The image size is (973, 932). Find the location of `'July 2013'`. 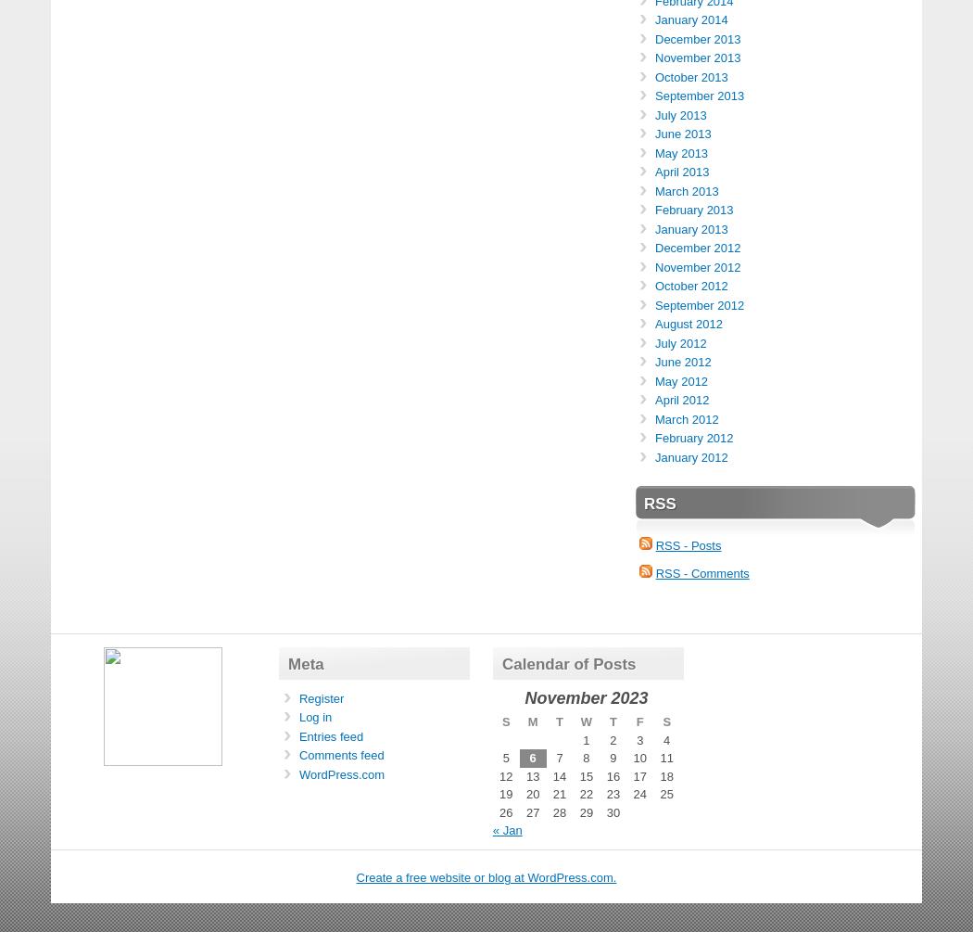

'July 2013' is located at coordinates (654, 114).